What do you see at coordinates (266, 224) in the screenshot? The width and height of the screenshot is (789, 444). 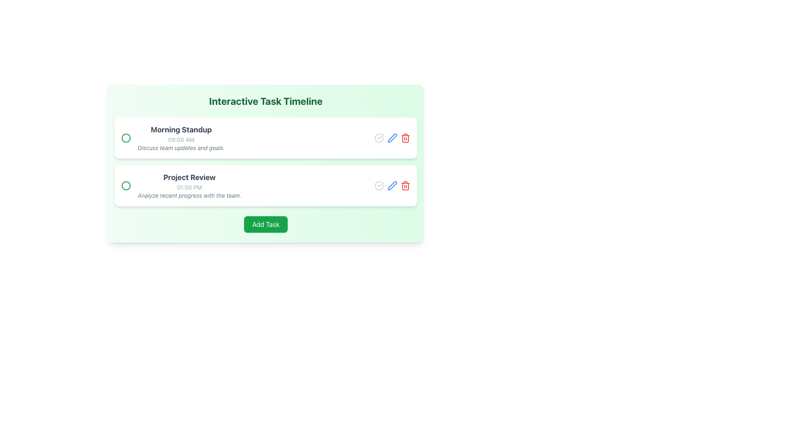 I see `the button for adding a new task within the 'Interactive Task Timeline' card to observe any visual feedback indicating interactivity` at bounding box center [266, 224].